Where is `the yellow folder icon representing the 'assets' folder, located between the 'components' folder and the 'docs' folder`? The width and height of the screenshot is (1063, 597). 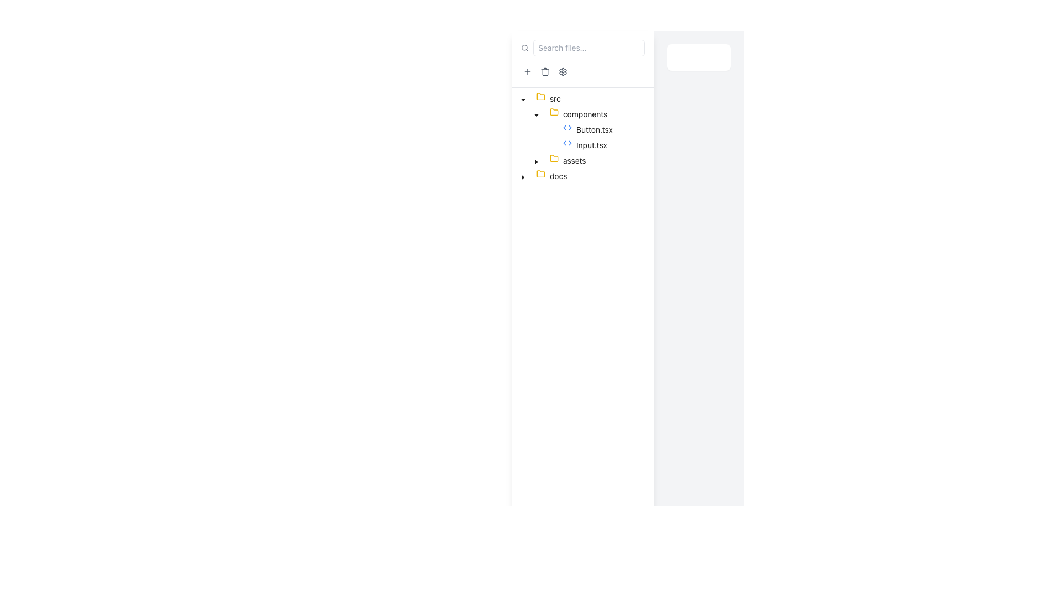 the yellow folder icon representing the 'assets' folder, located between the 'components' folder and the 'docs' folder is located at coordinates (554, 158).